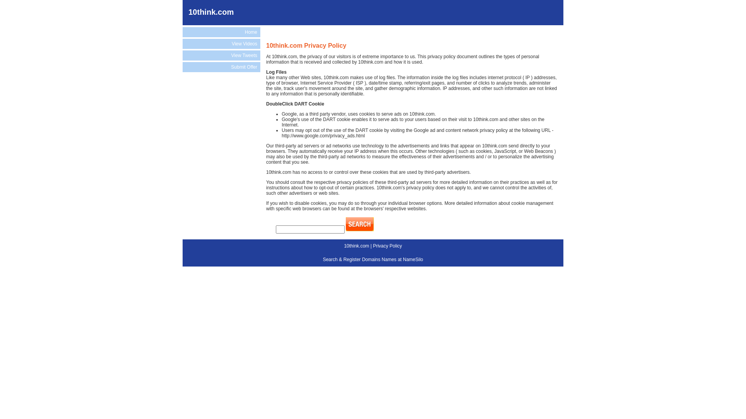 The image size is (746, 419). What do you see at coordinates (221, 67) in the screenshot?
I see `'Submit Offer'` at bounding box center [221, 67].